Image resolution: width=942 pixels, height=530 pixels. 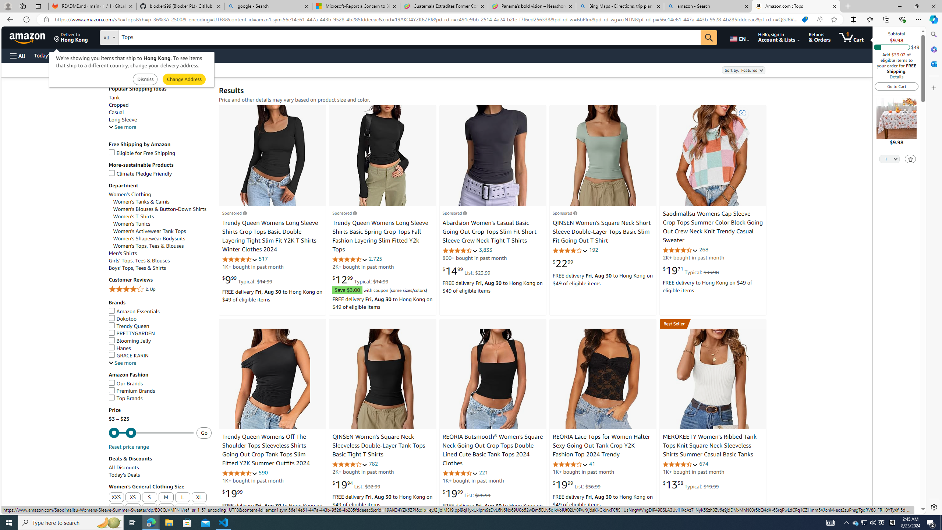 I want to click on 'Amazon Essentials', so click(x=134, y=311).